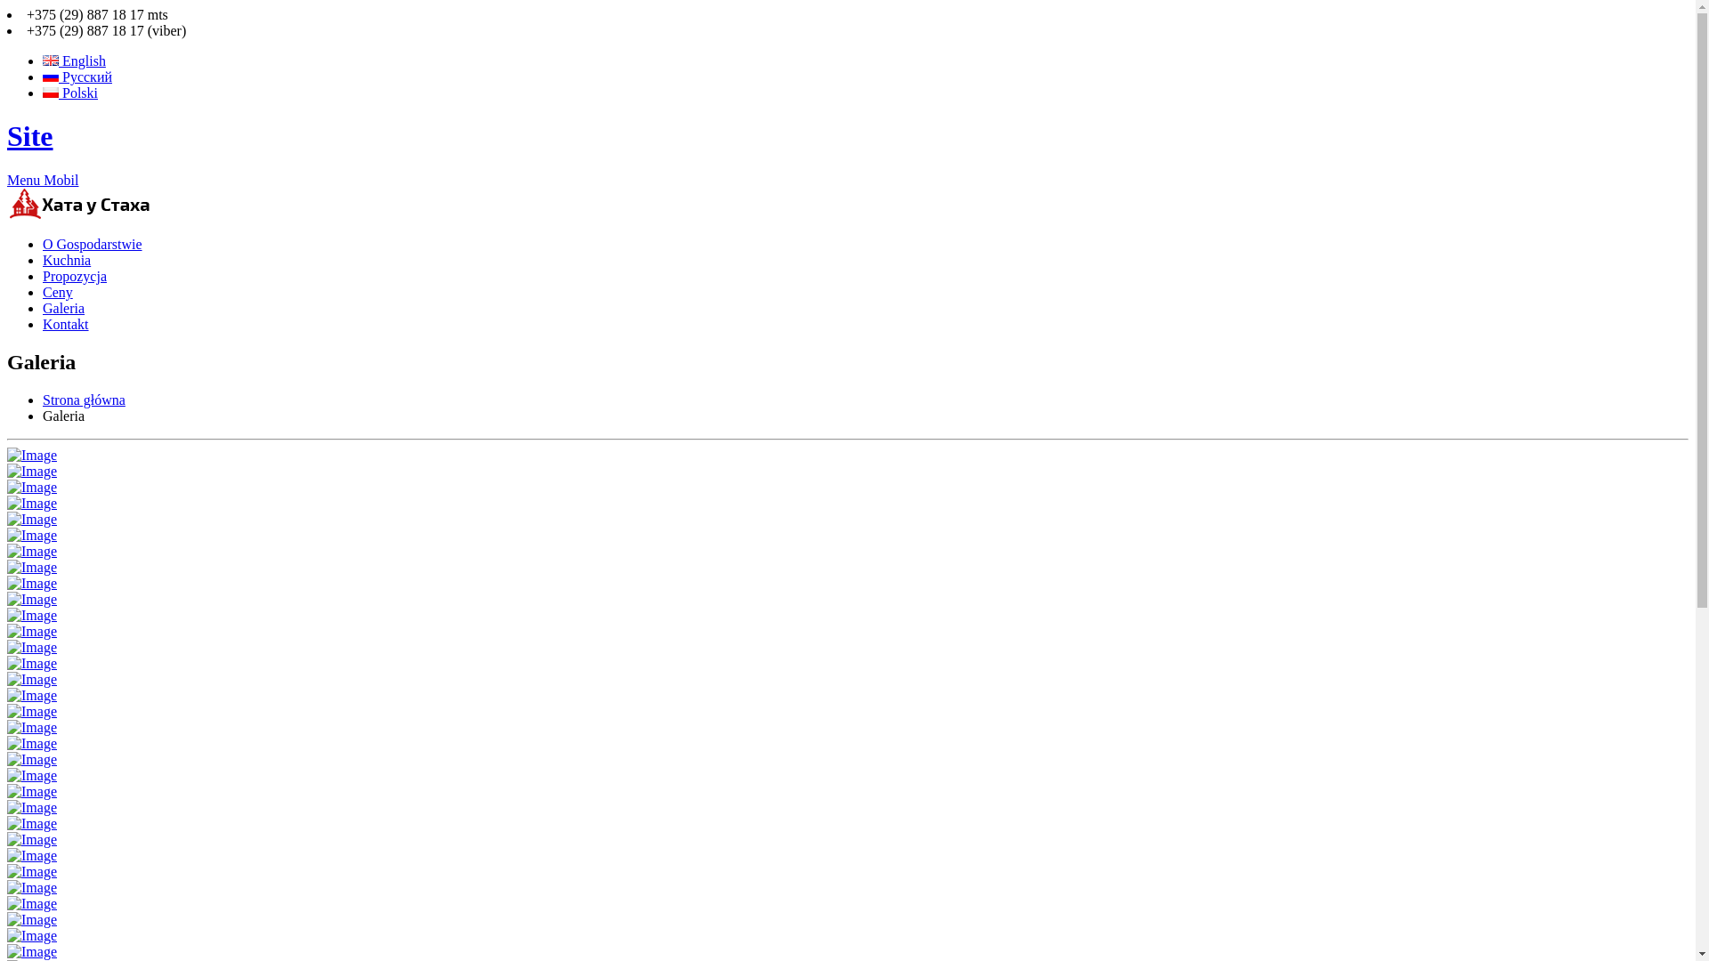 This screenshot has width=1709, height=961. What do you see at coordinates (63, 307) in the screenshot?
I see `'Galeria'` at bounding box center [63, 307].